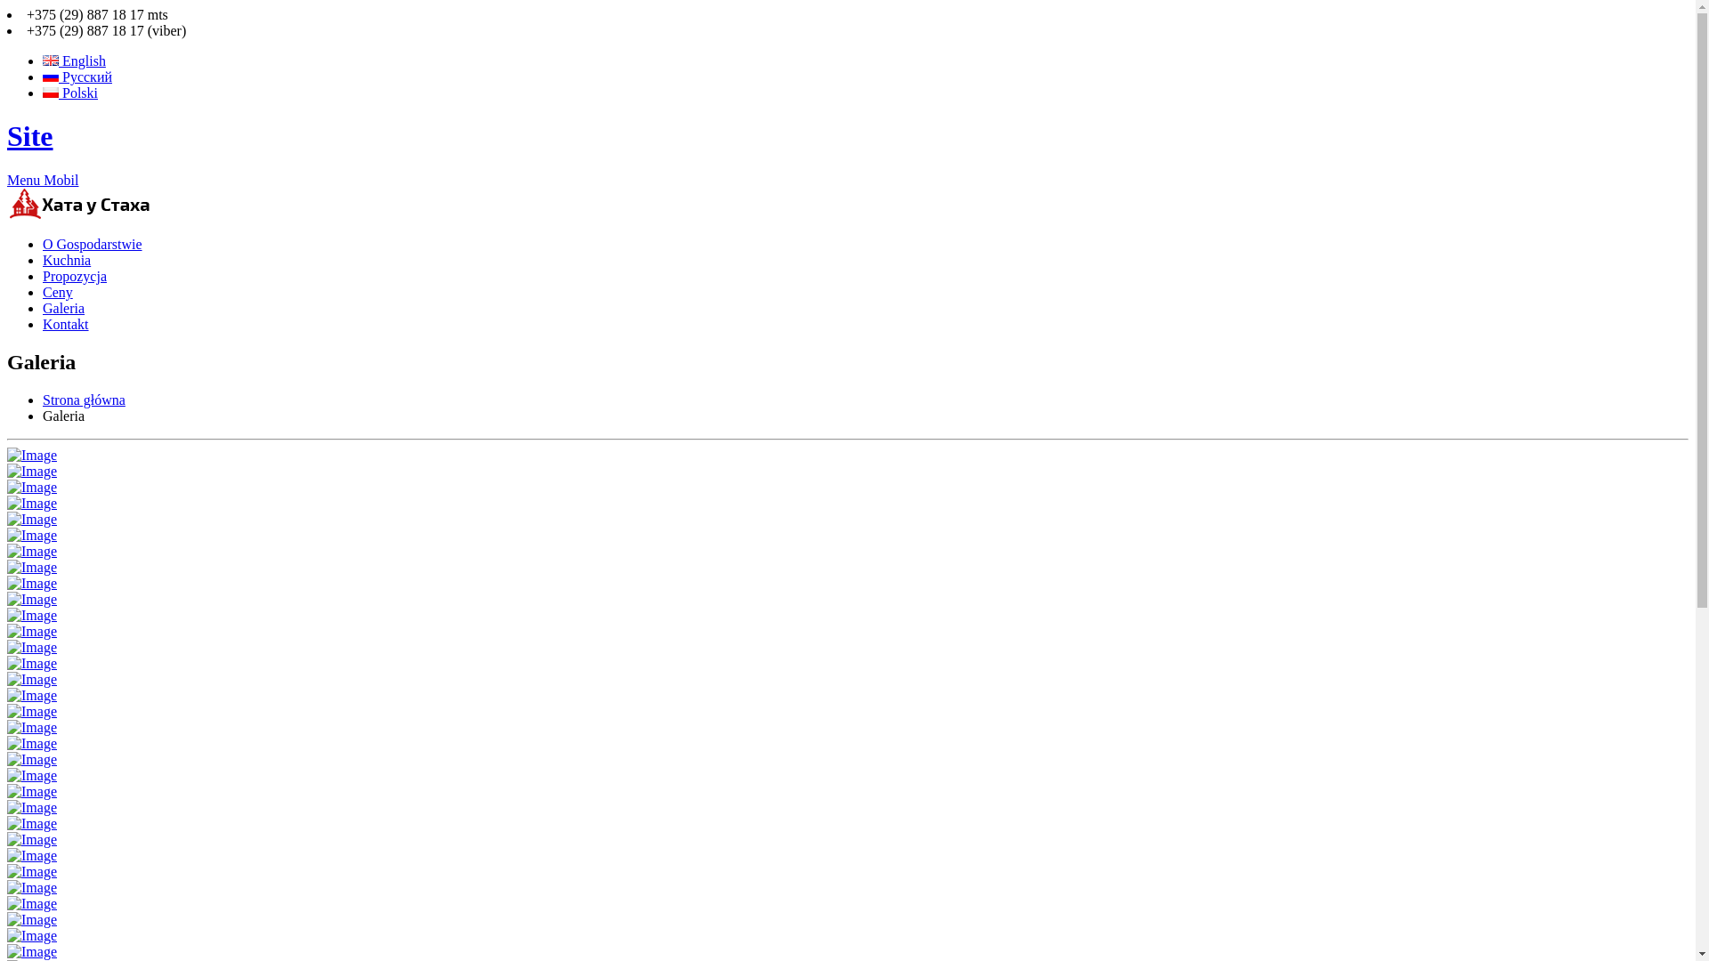 This screenshot has width=1709, height=961. What do you see at coordinates (63, 307) in the screenshot?
I see `'Galeria'` at bounding box center [63, 307].